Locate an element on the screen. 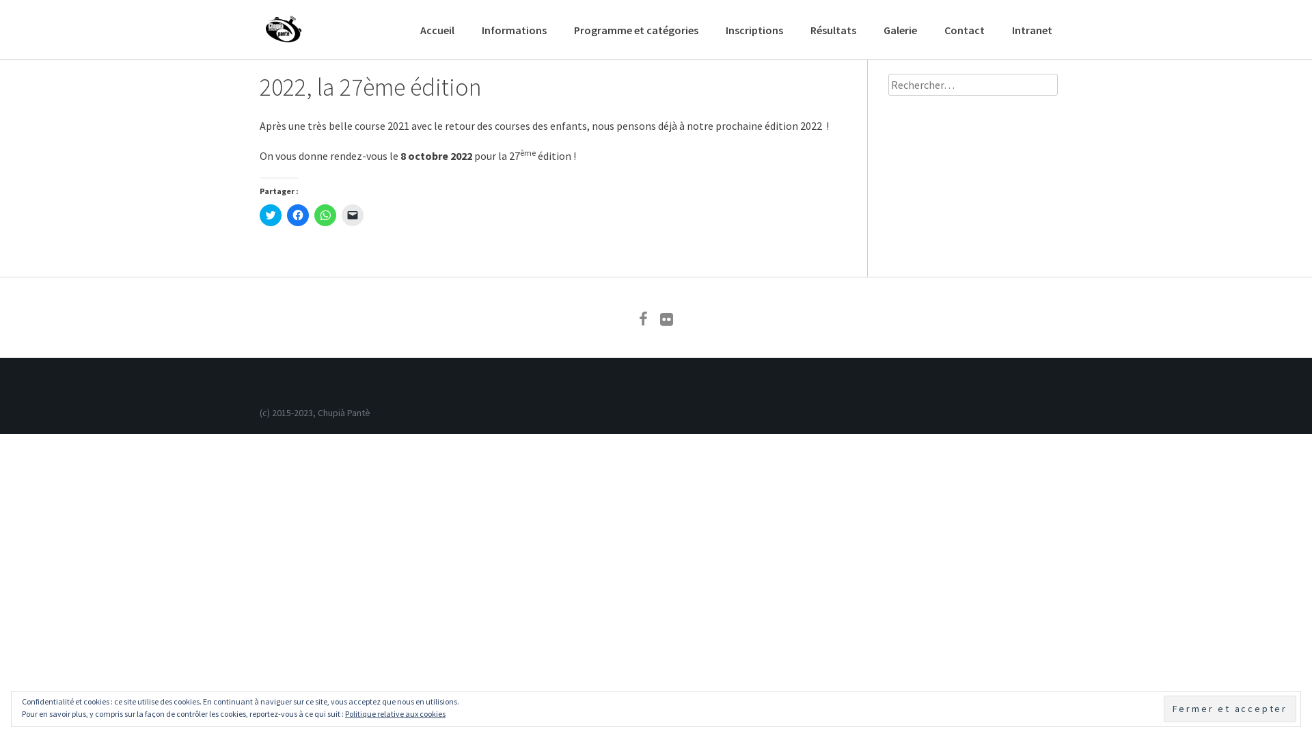  'Politique relative aux cookies' is located at coordinates (394, 713).